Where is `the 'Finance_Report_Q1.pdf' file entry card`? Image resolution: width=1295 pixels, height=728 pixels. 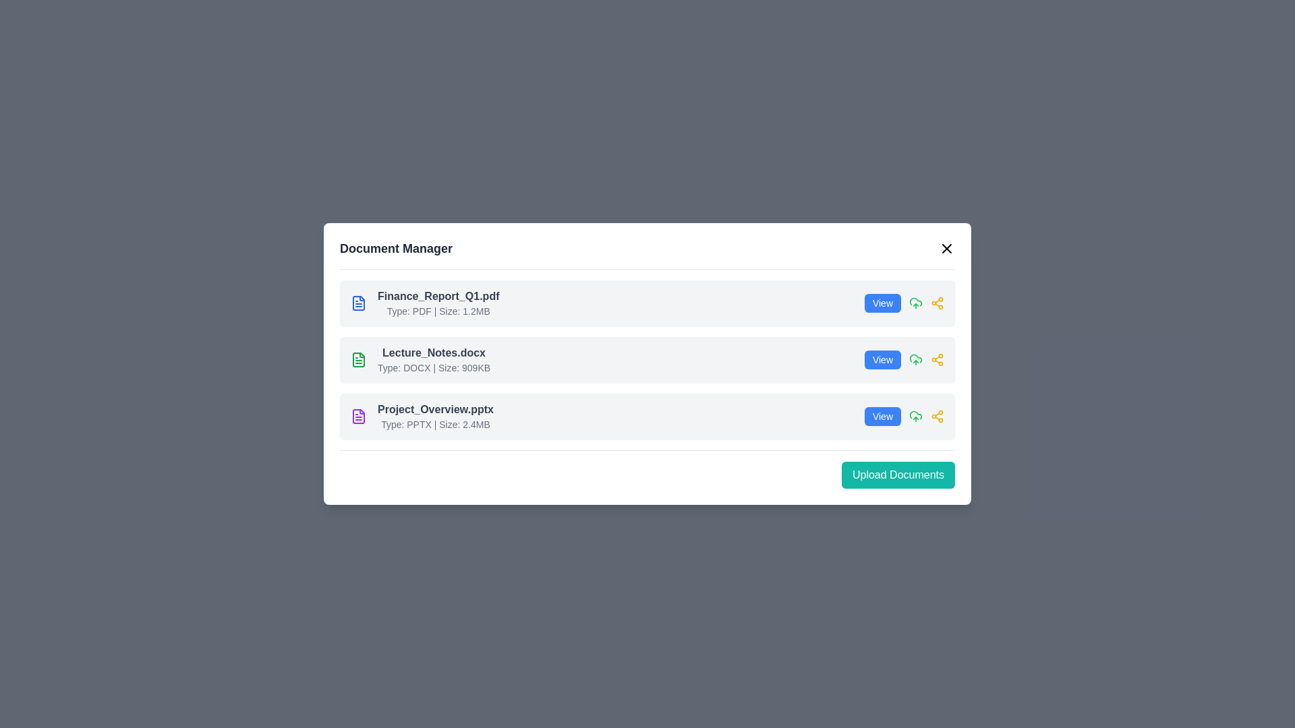
the 'Finance_Report_Q1.pdf' file entry card is located at coordinates (424, 303).